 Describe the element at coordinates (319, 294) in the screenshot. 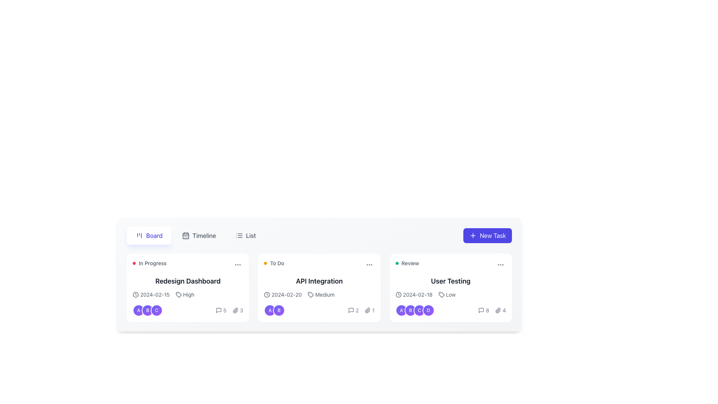

I see `date (2024-02-20) and priority level (Medium) information from the informational display below the 'API Integration' card in the 'To Do' column` at that location.